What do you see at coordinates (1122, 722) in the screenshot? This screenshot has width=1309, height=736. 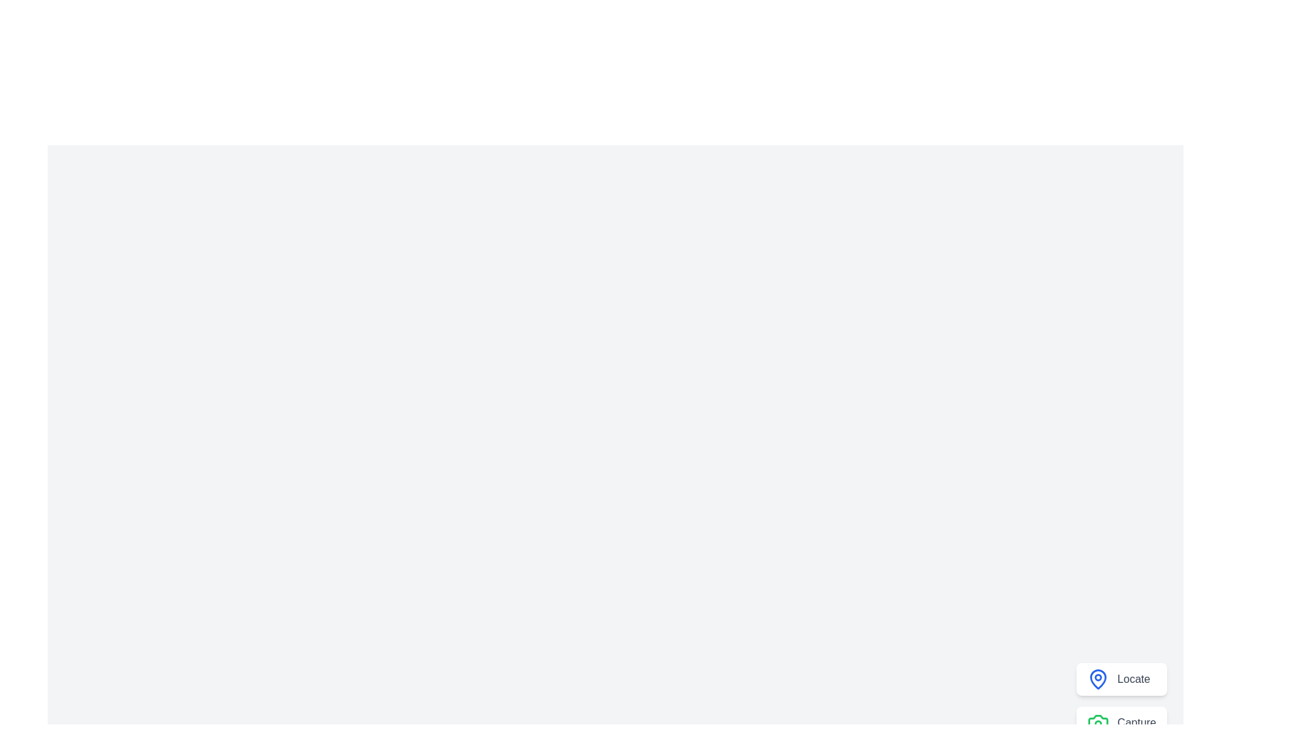 I see `'Capture' button` at bounding box center [1122, 722].